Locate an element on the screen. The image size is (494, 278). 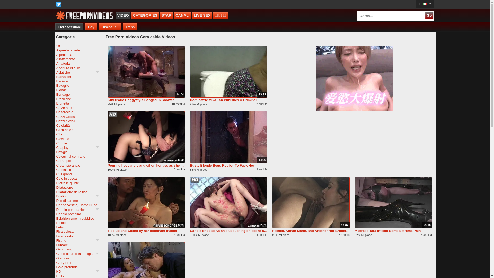
'Fetish' is located at coordinates (77, 227).